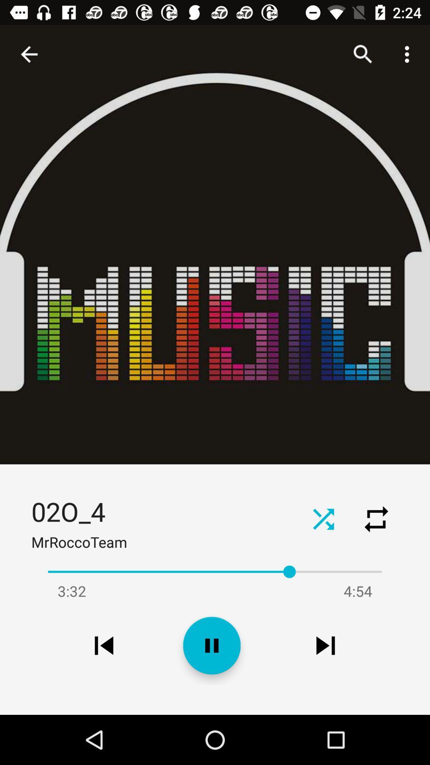 The width and height of the screenshot is (430, 765). What do you see at coordinates (325, 645) in the screenshot?
I see `the item below the 4:54 icon` at bounding box center [325, 645].